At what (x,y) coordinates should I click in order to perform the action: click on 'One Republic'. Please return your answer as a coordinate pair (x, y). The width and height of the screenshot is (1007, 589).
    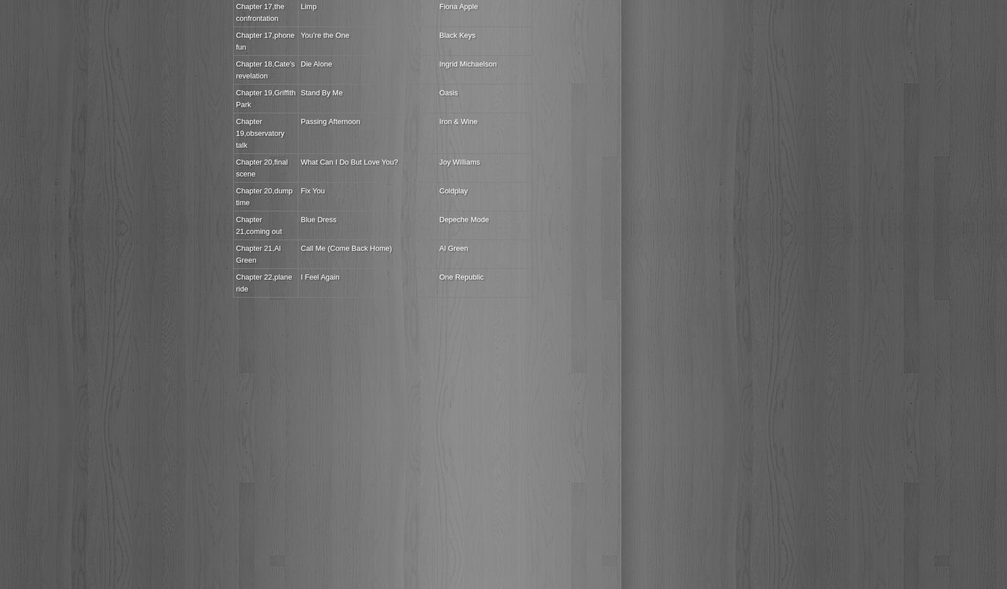
    Looking at the image, I should click on (461, 276).